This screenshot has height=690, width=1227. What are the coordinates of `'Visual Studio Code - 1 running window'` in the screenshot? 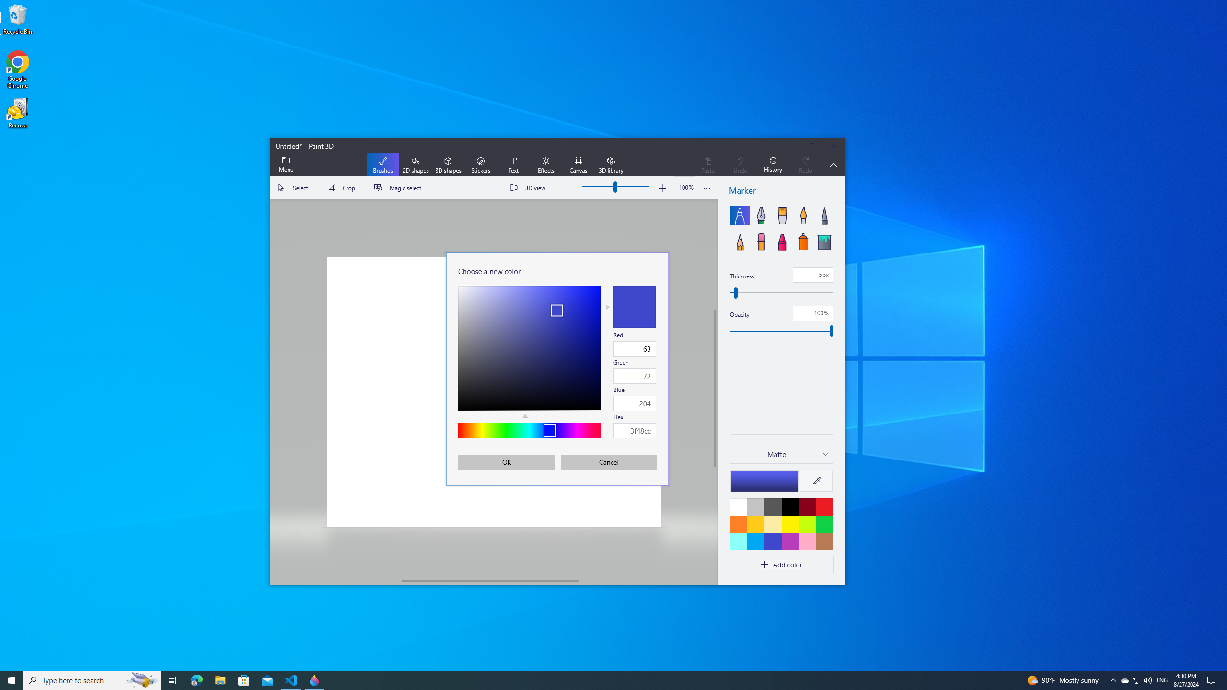 It's located at (291, 679).